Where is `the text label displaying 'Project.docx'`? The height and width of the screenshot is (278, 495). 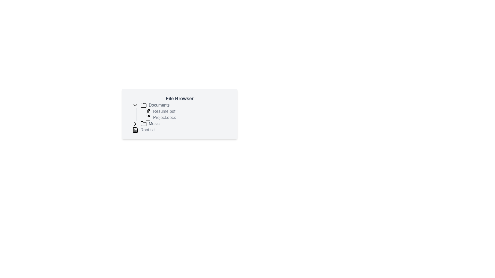 the text label displaying 'Project.docx' is located at coordinates (164, 117).